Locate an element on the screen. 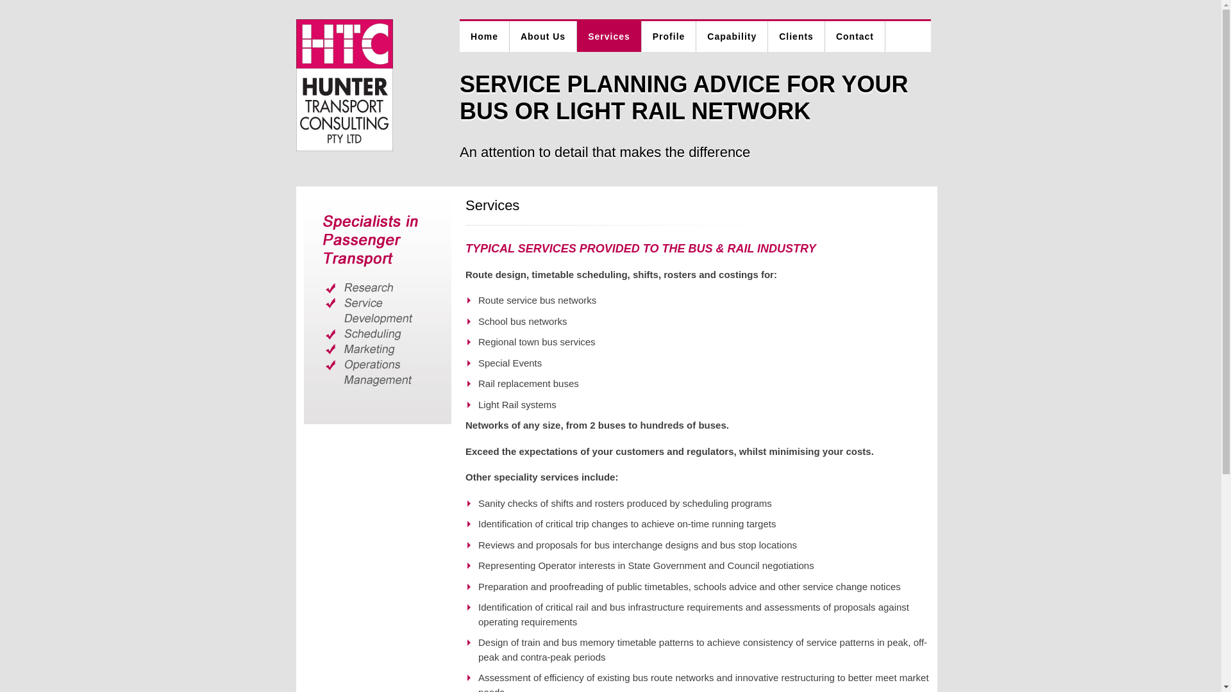 The width and height of the screenshot is (1231, 692). 'Contact' is located at coordinates (855, 36).